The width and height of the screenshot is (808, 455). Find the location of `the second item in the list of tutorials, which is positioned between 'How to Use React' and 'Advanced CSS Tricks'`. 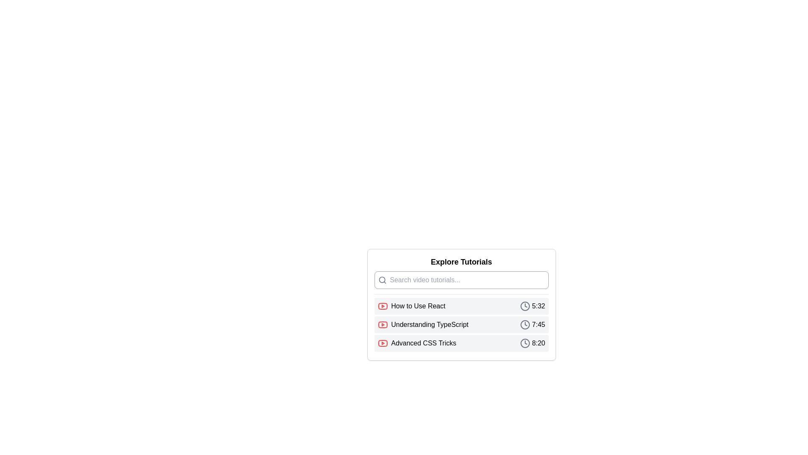

the second item in the list of tutorials, which is positioned between 'How to Use React' and 'Advanced CSS Tricks' is located at coordinates (461, 324).